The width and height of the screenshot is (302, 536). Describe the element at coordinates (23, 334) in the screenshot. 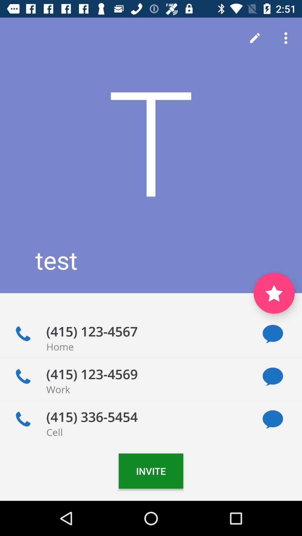

I see `calling` at that location.